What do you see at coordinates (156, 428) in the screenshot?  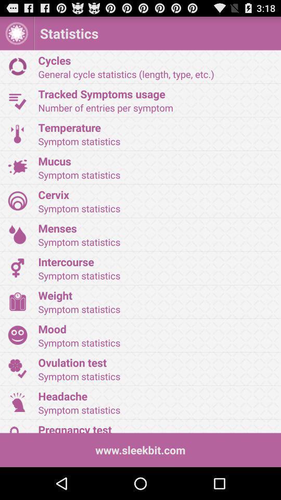 I see `the app below symptom statistics icon` at bounding box center [156, 428].